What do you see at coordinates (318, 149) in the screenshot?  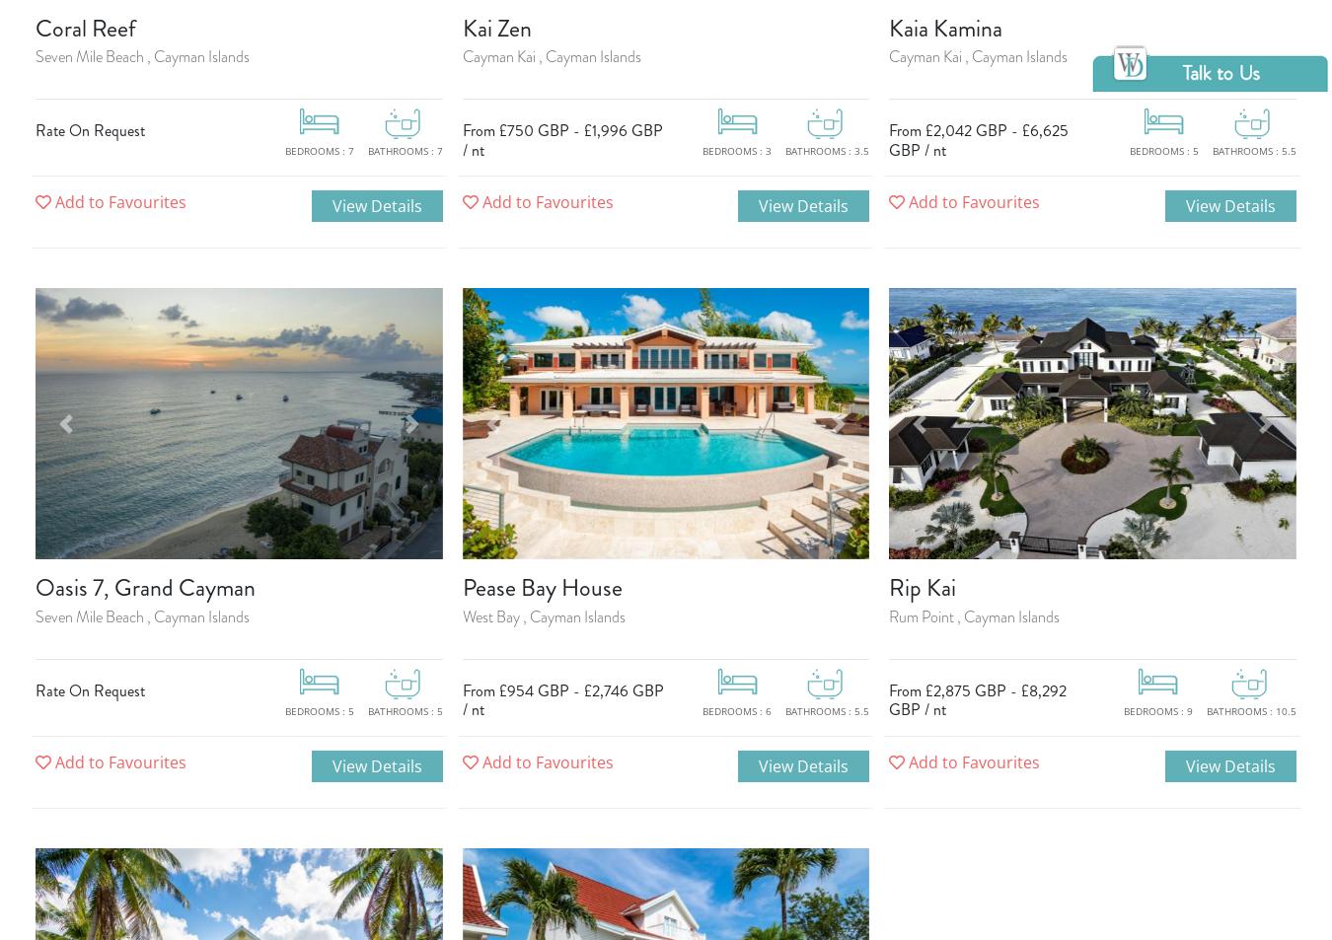 I see `'Bedrooms : 7'` at bounding box center [318, 149].